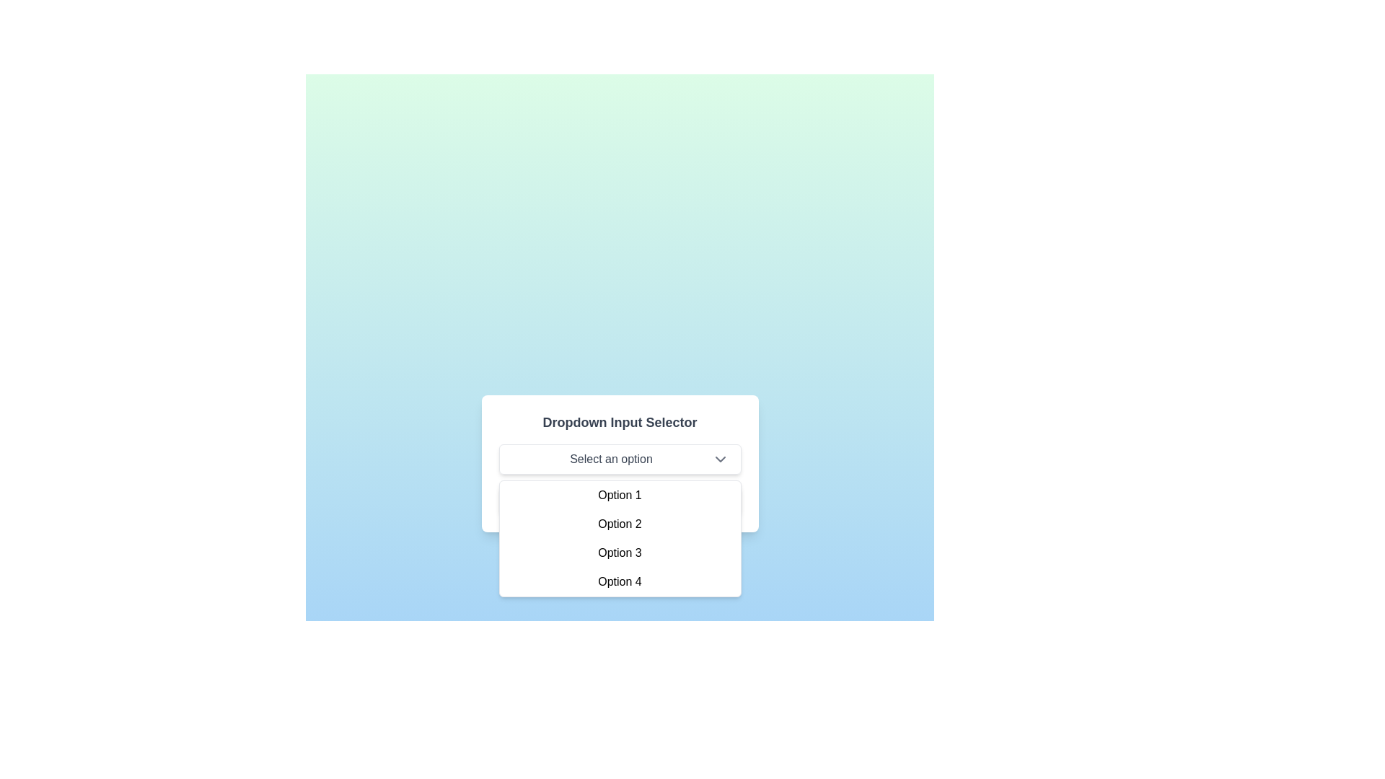 This screenshot has width=1385, height=779. Describe the element at coordinates (620, 422) in the screenshot. I see `the title text element that serves as a label for the dropdown interface, positioned at the top-center, directly above the 'Select an option' dropdown field` at that location.